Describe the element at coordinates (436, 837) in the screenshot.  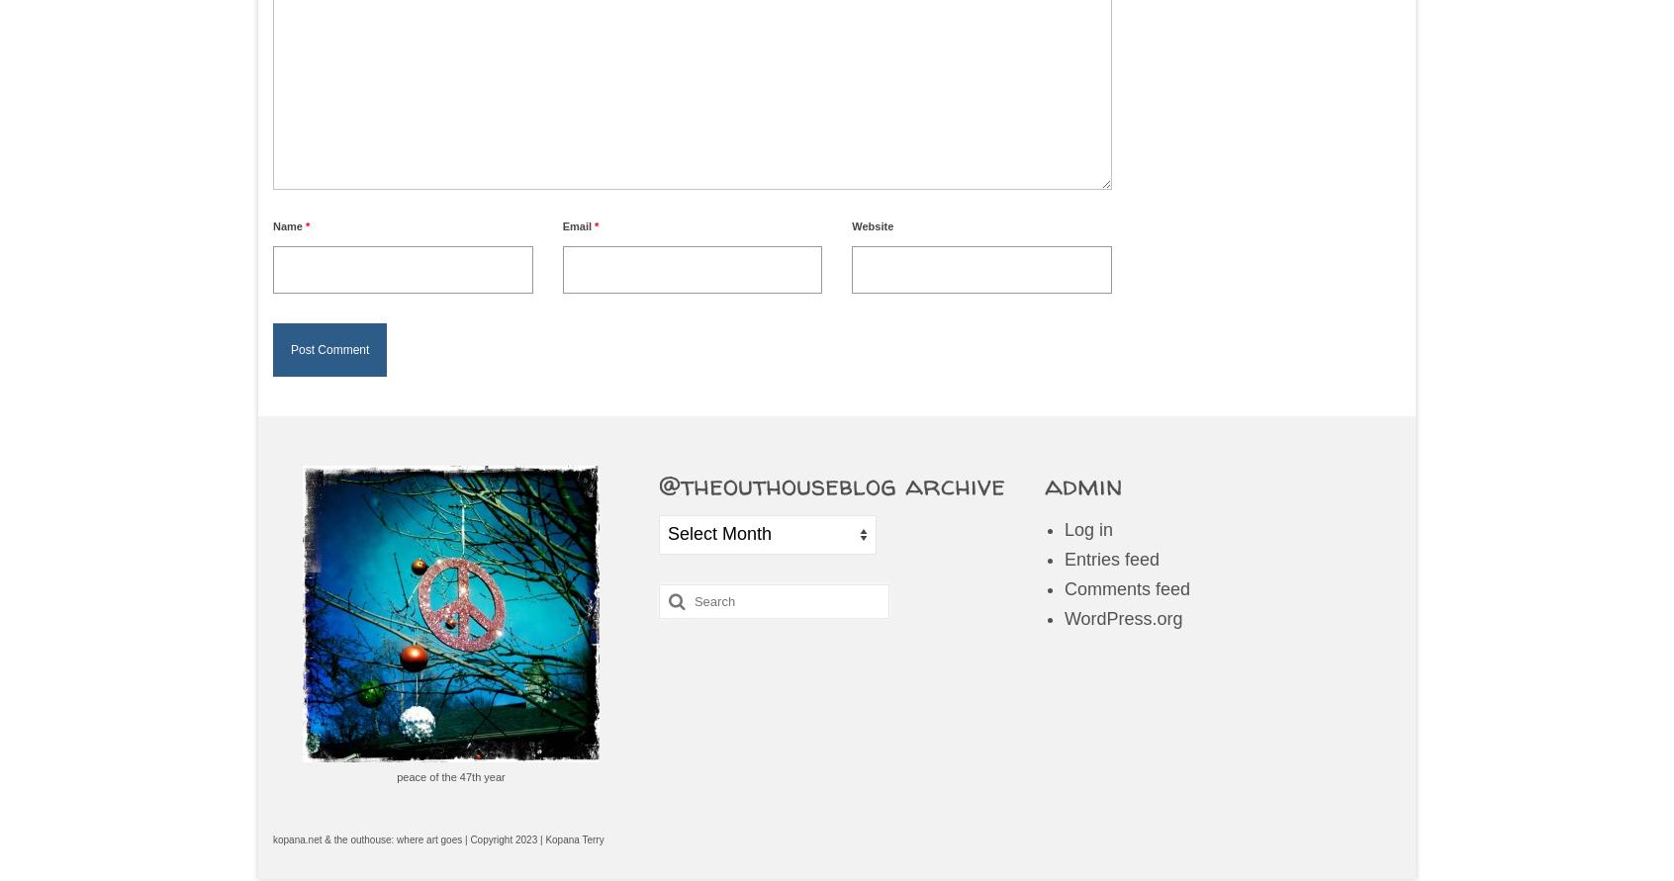
I see `'kopana.net & the outhouse: where art goes | Copyright 2023 | Kopana Terry'` at that location.